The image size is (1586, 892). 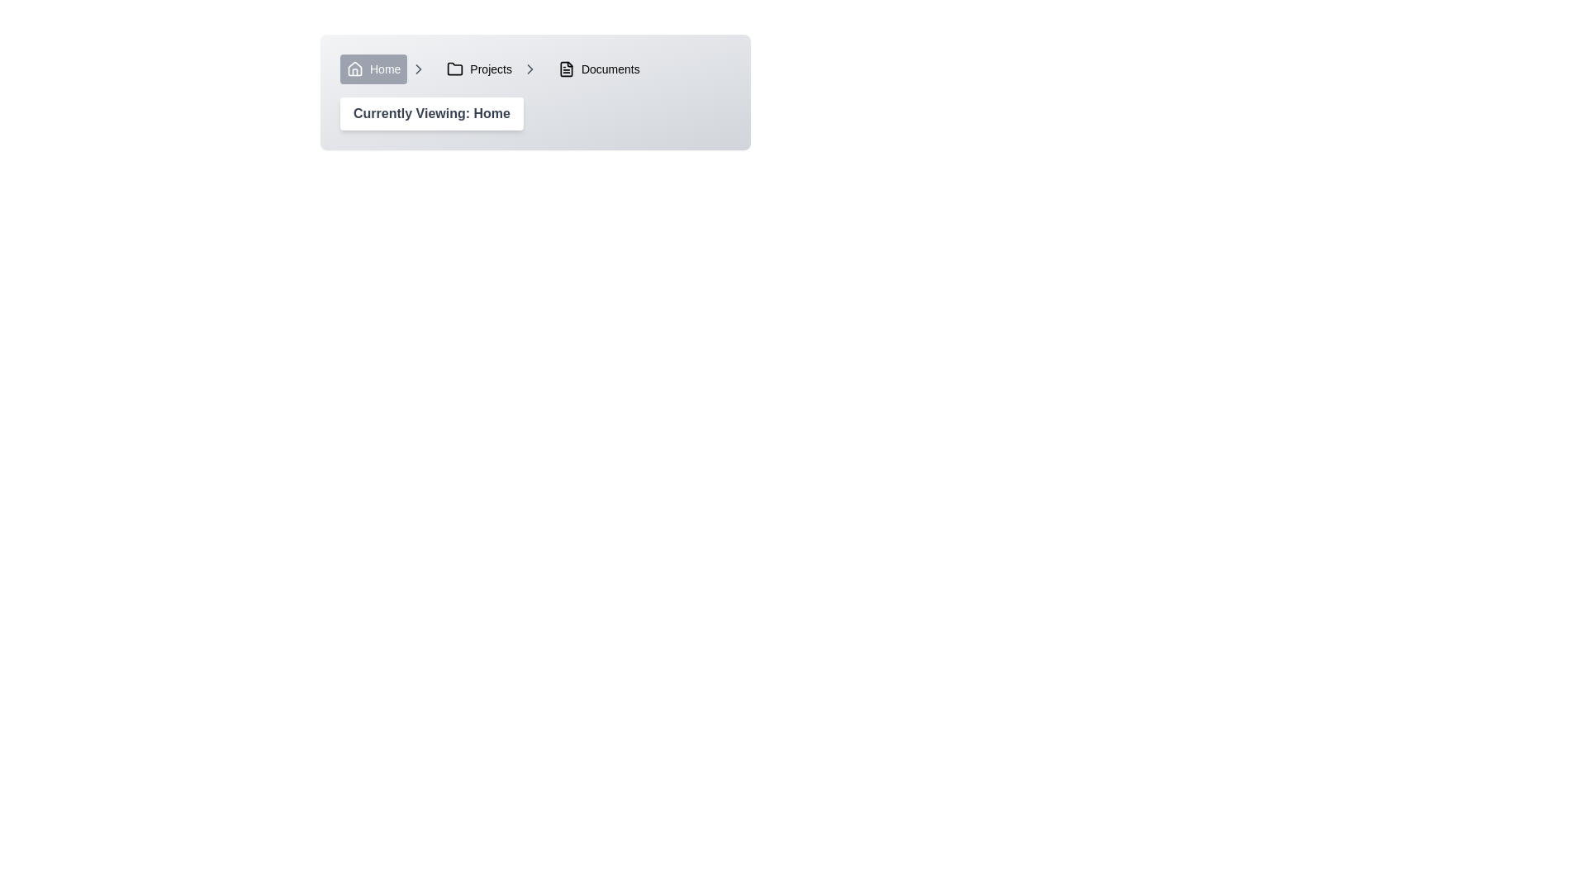 What do you see at coordinates (373, 69) in the screenshot?
I see `the 'Home' button in the breadcrumb navigation bar, which is a gray rounded rectangular button with a house icon and white text` at bounding box center [373, 69].